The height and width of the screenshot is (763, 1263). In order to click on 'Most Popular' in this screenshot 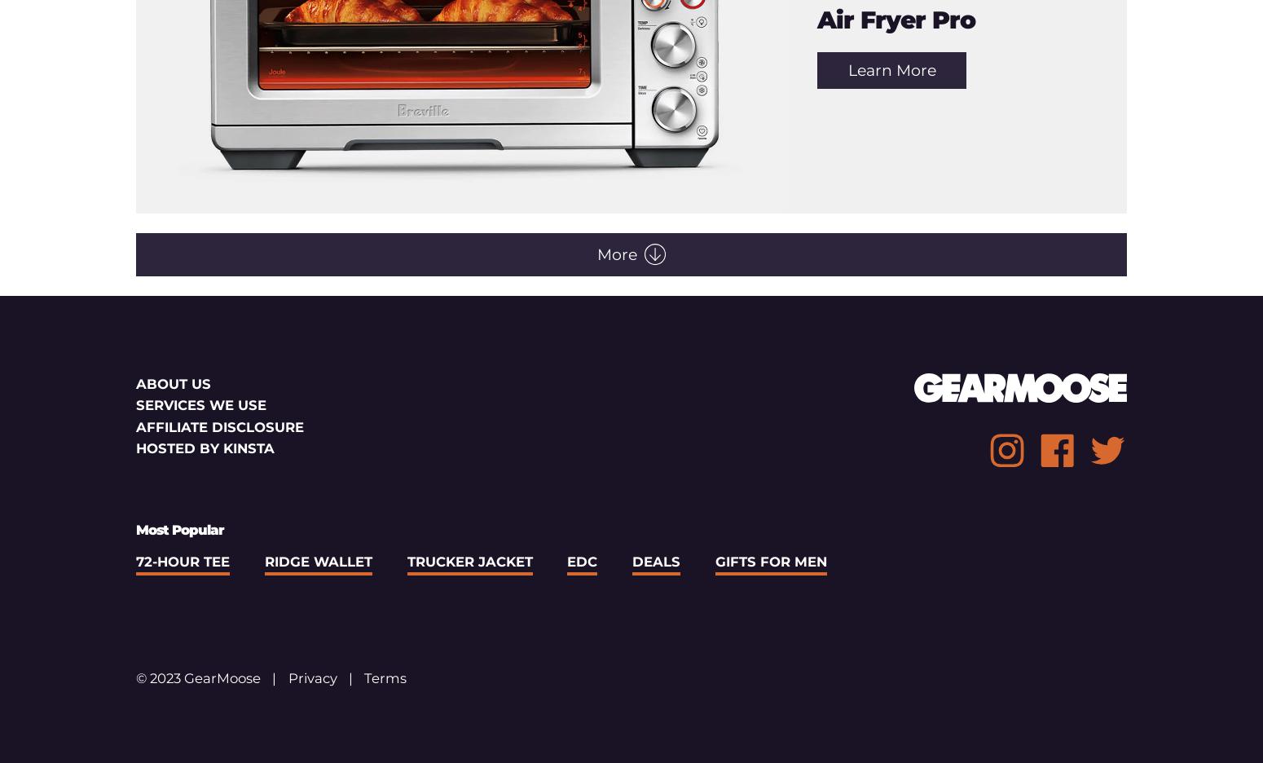, I will do `click(179, 528)`.